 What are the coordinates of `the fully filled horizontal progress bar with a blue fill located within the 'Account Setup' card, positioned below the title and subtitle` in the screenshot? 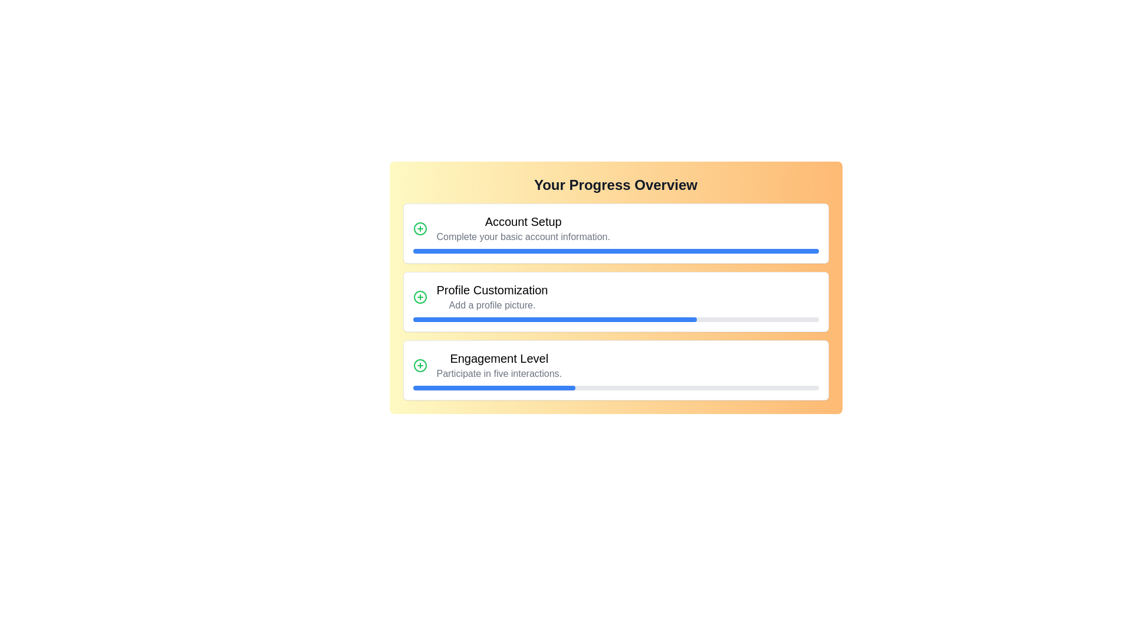 It's located at (615, 250).